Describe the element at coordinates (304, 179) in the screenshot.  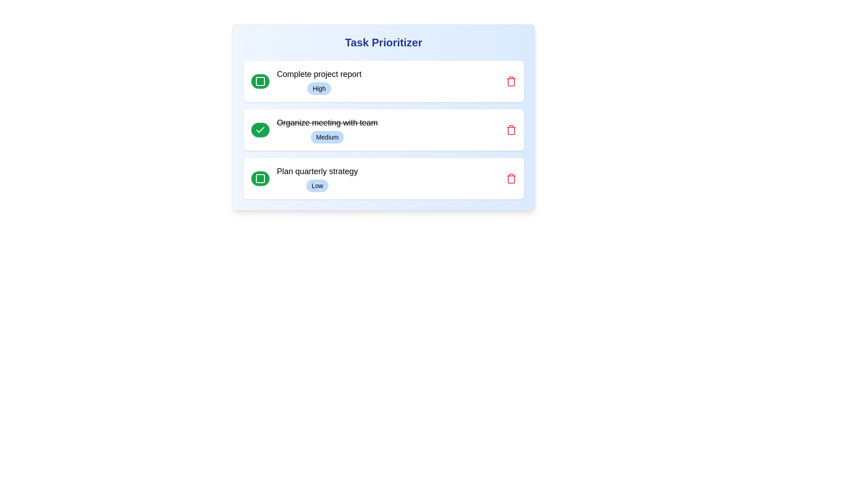
I see `the priority badge labeled 'Low' that is associated with the text 'Plan quarterly strategy' in the Task Prioritizer interface` at that location.